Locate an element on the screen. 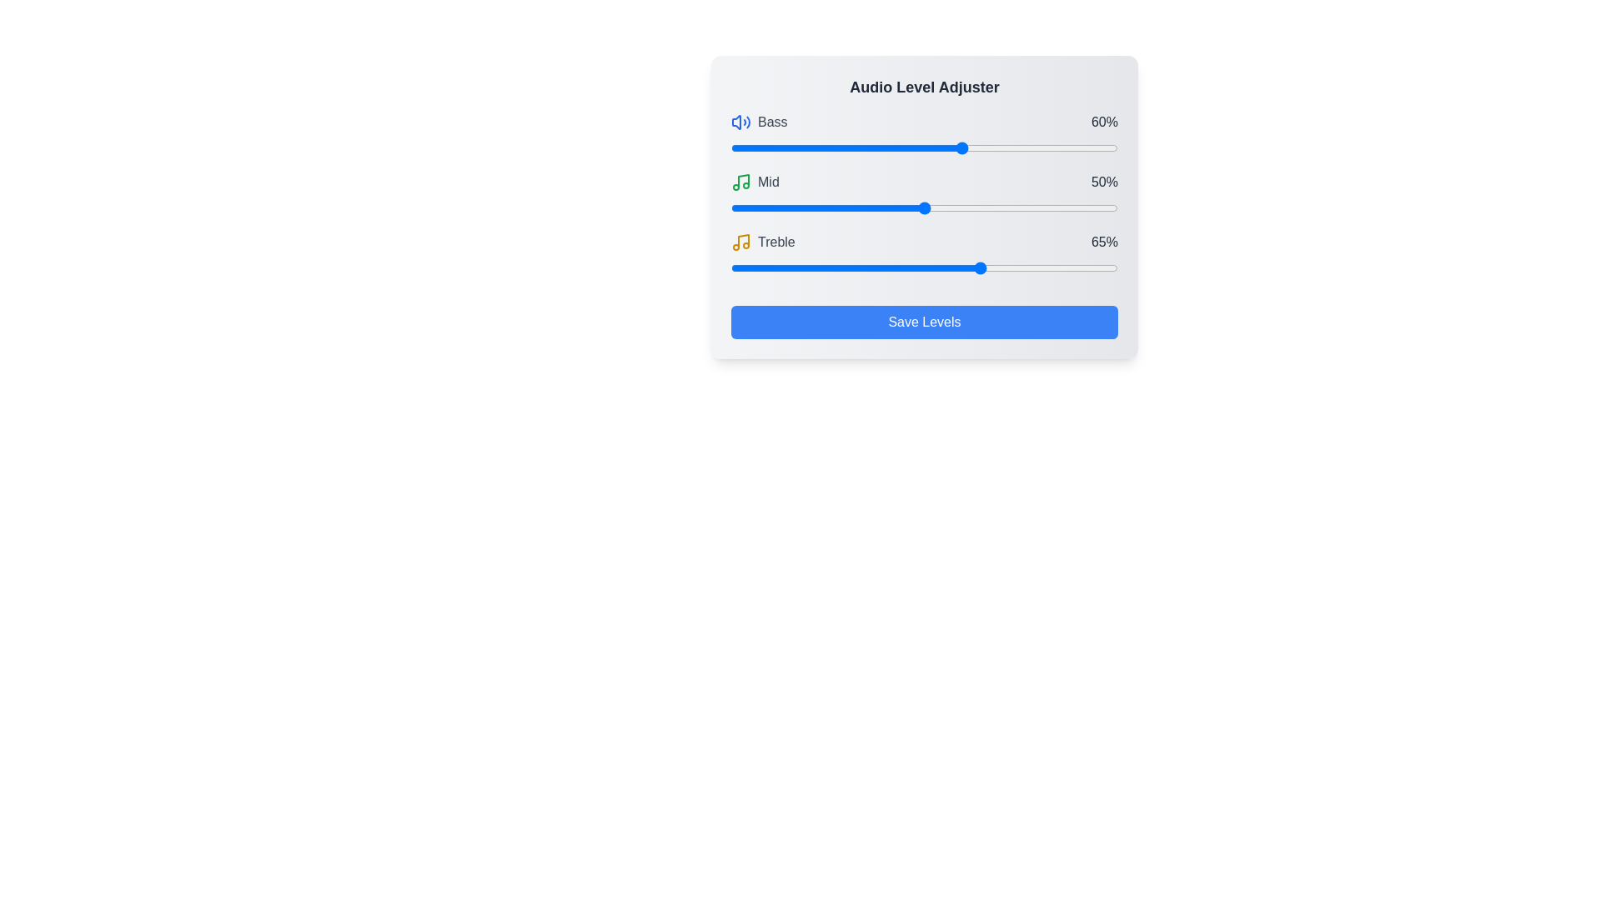 Image resolution: width=1601 pixels, height=900 pixels. the 'Mid' audio level is located at coordinates (776, 207).